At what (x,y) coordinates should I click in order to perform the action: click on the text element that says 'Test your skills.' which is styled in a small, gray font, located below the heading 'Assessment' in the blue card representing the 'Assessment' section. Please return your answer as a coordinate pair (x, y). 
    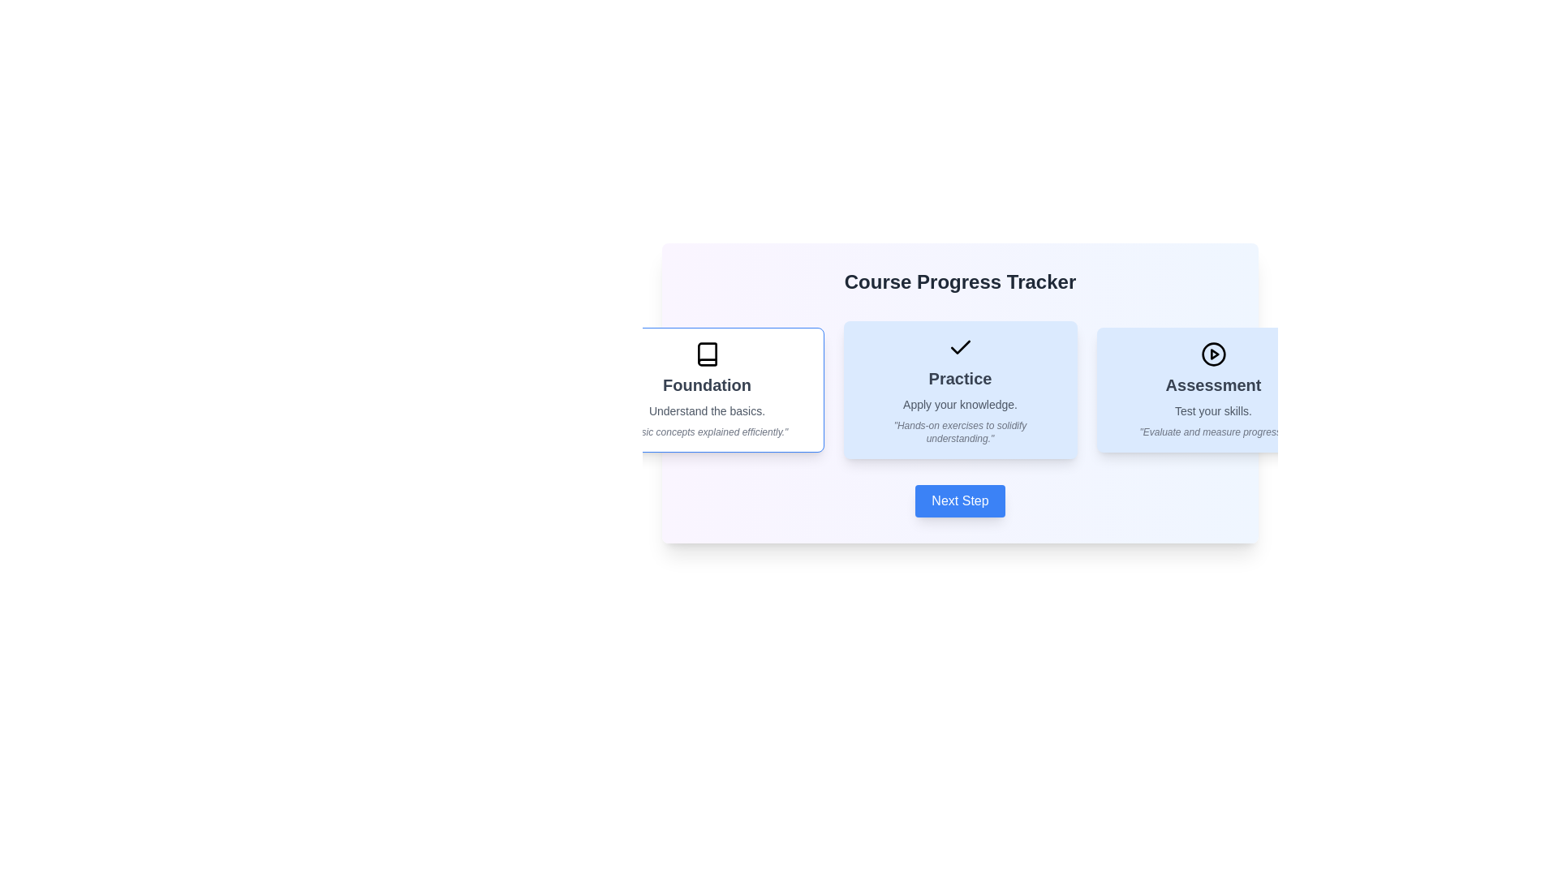
    Looking at the image, I should click on (1213, 410).